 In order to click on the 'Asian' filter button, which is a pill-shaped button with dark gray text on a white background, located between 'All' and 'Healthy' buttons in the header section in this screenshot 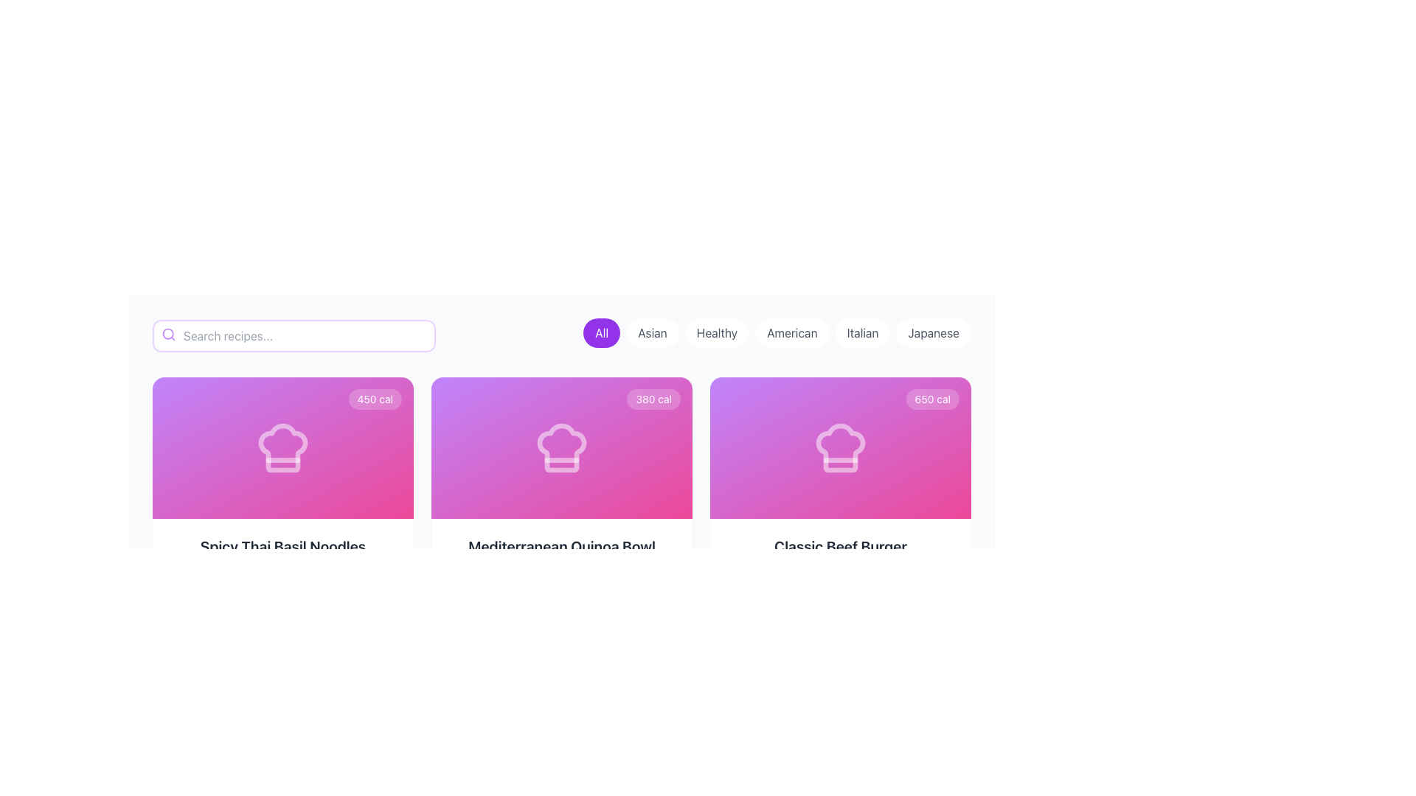, I will do `click(651, 332)`.